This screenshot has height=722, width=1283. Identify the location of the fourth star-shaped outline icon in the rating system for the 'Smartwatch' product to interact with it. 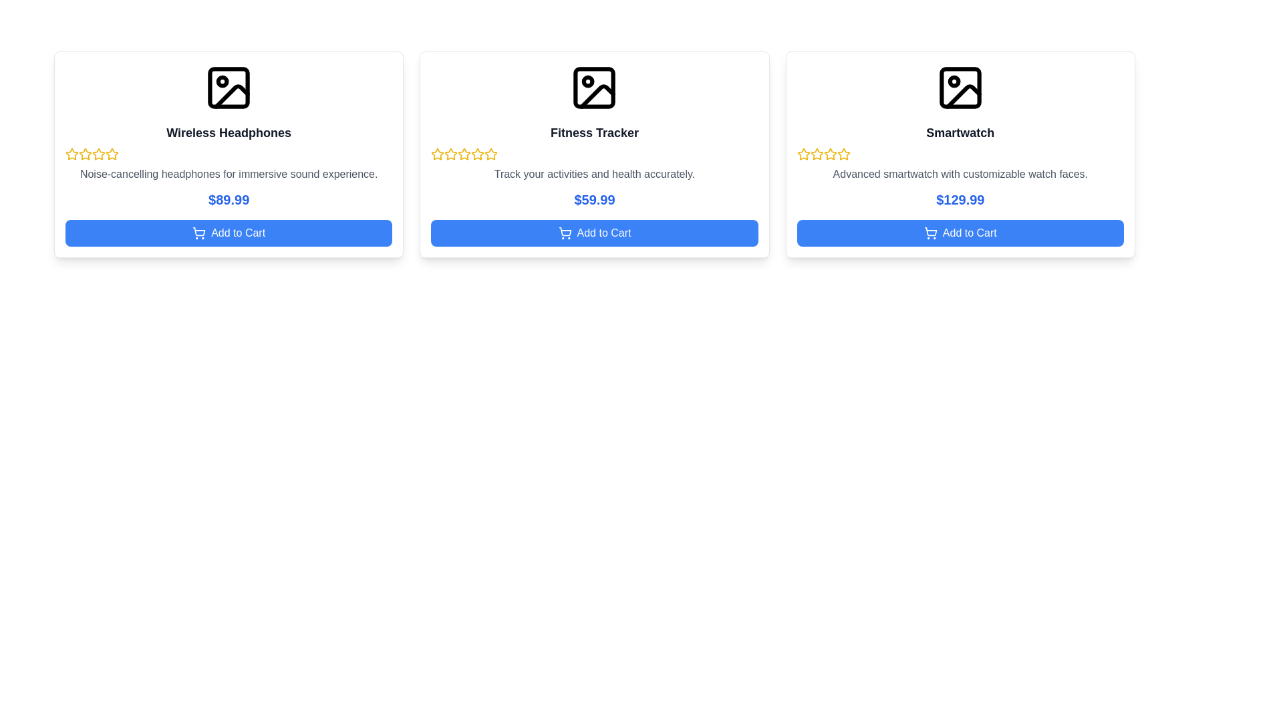
(829, 154).